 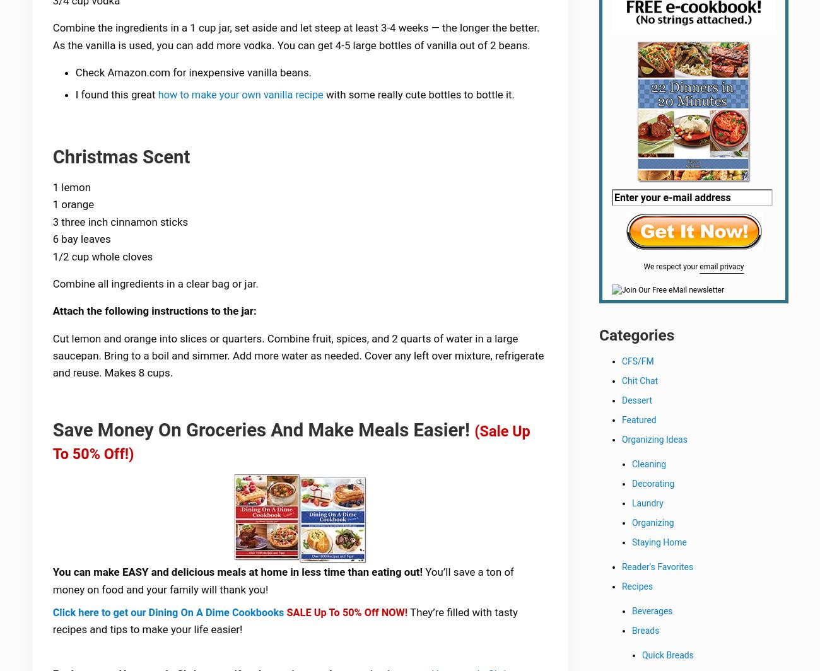 What do you see at coordinates (648, 465) in the screenshot?
I see `'Cleaning'` at bounding box center [648, 465].